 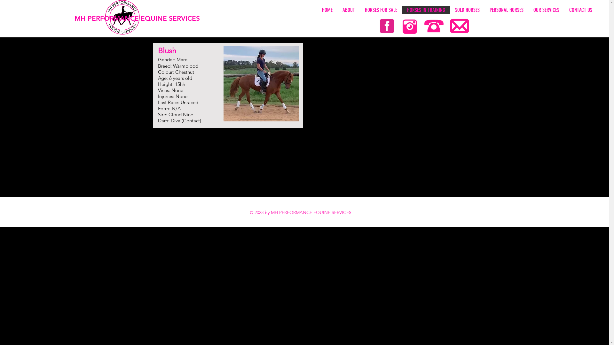 I want to click on 'PERSONAL HORSES', so click(x=506, y=10).